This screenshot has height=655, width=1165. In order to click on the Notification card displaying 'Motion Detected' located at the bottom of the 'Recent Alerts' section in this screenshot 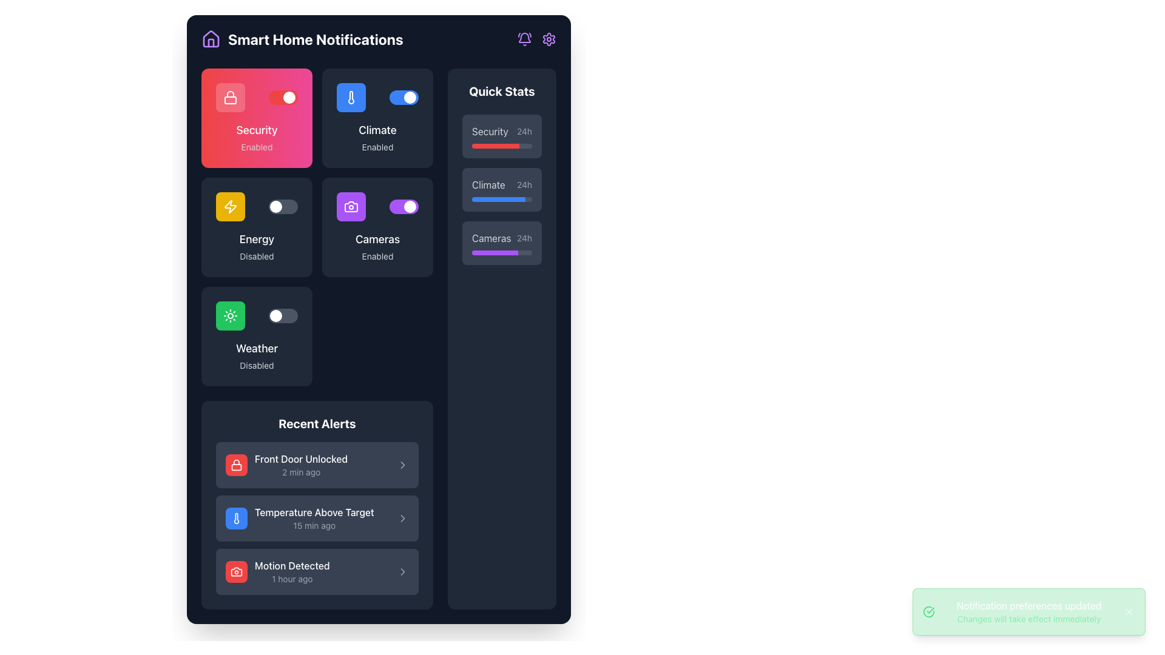, I will do `click(277, 571)`.